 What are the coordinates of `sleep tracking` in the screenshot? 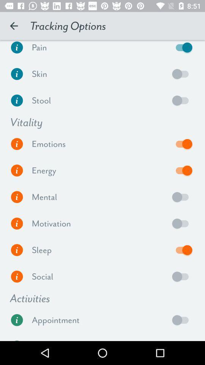 It's located at (182, 249).